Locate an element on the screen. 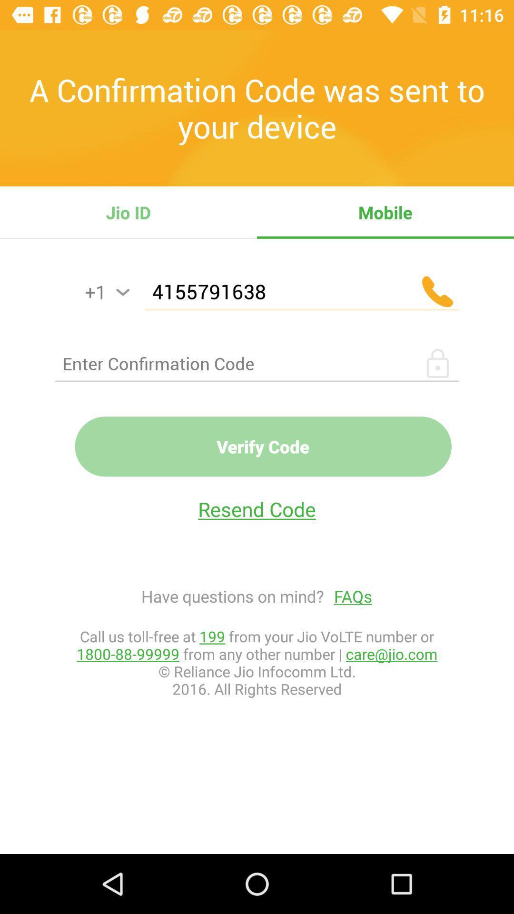 Image resolution: width=514 pixels, height=914 pixels. resend code is located at coordinates (257, 508).